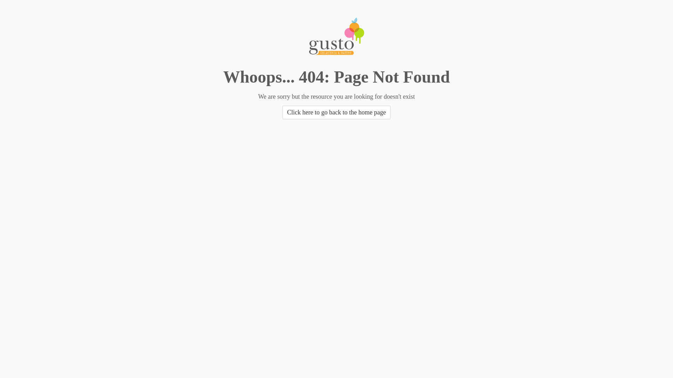 This screenshot has height=378, width=673. I want to click on 'Click here to go back to the home page', so click(336, 112).